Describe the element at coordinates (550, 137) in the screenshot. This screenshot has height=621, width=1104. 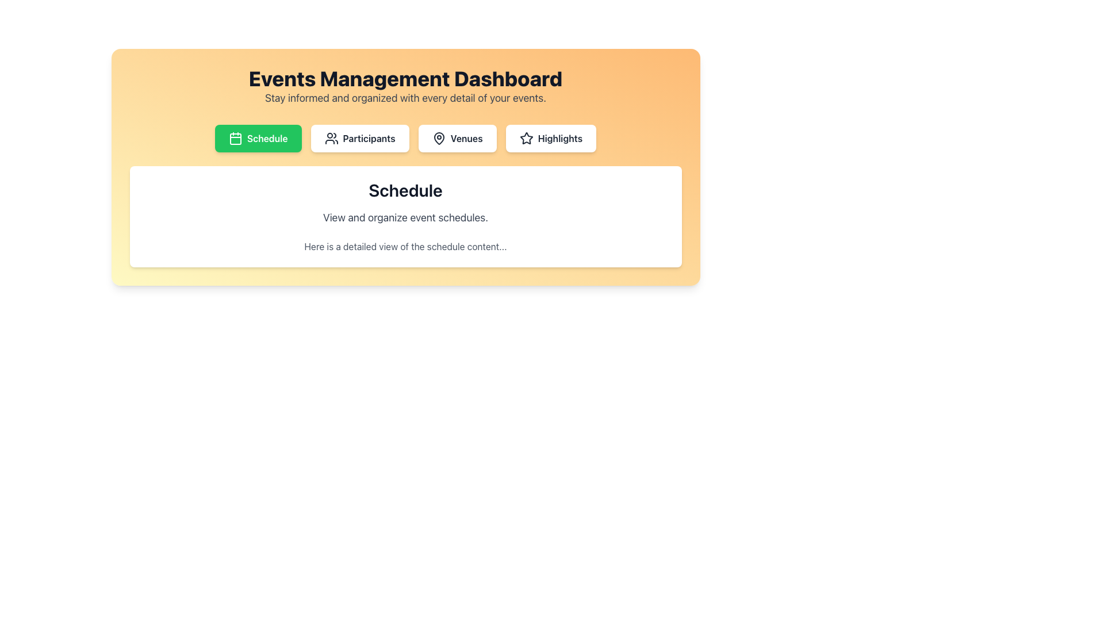
I see `the rightmost Interactive button labeled 'Highlights' with a star icon` at that location.